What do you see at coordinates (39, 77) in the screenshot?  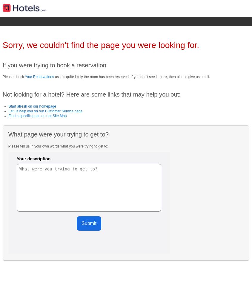 I see `'Your Reservations'` at bounding box center [39, 77].